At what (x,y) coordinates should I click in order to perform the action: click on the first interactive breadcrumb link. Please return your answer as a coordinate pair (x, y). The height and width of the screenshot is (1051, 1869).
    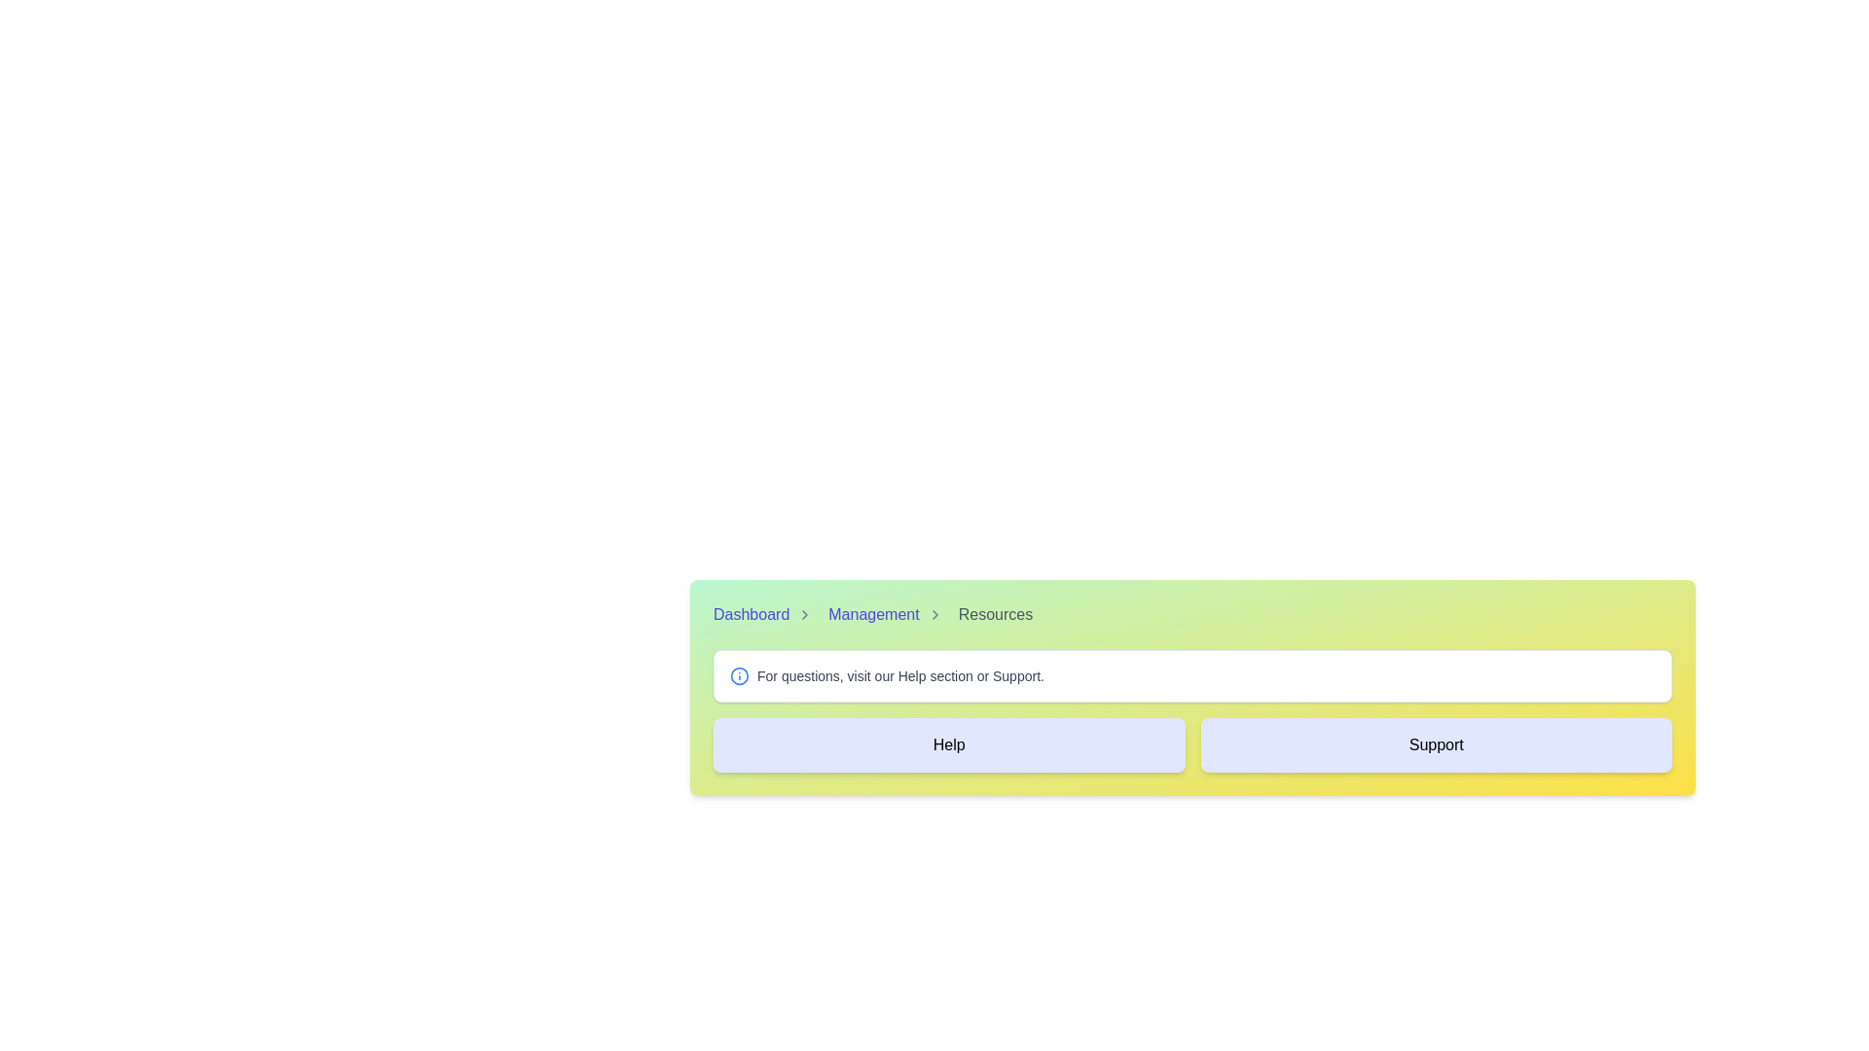
    Looking at the image, I should click on (765, 615).